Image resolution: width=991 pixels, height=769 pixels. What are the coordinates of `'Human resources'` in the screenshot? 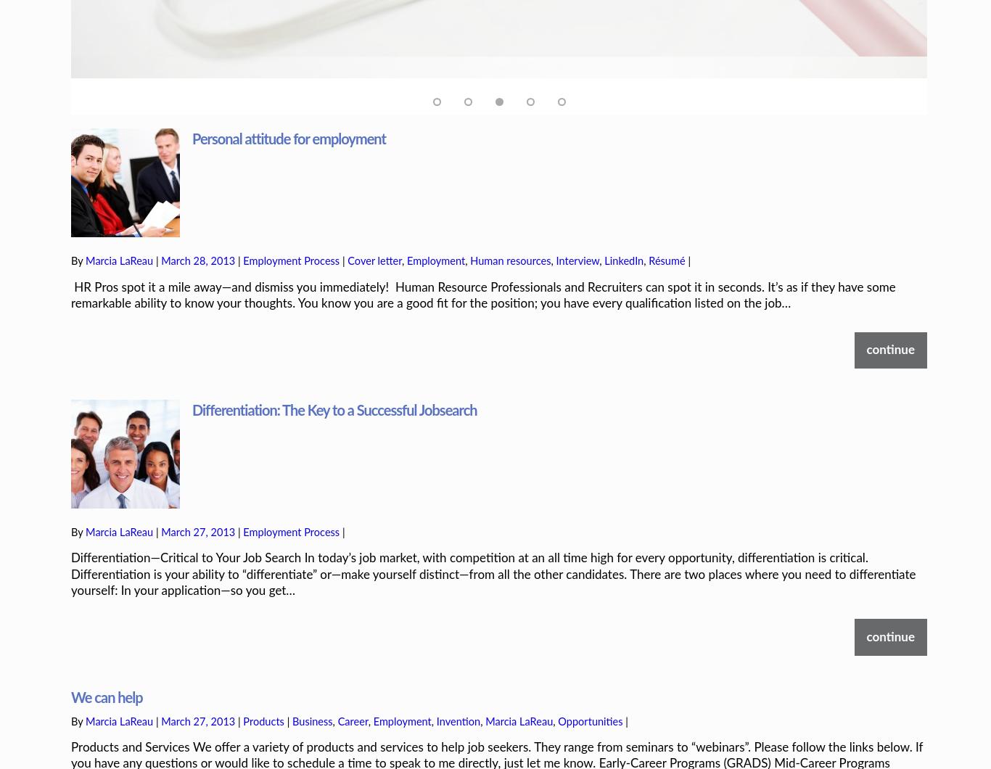 It's located at (510, 212).